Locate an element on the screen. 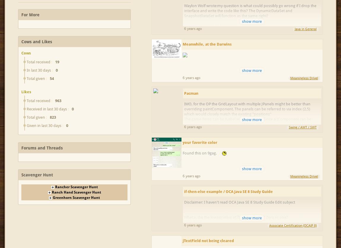 The height and width of the screenshot is (248, 341). 'Cows and Likes' is located at coordinates (36, 41).